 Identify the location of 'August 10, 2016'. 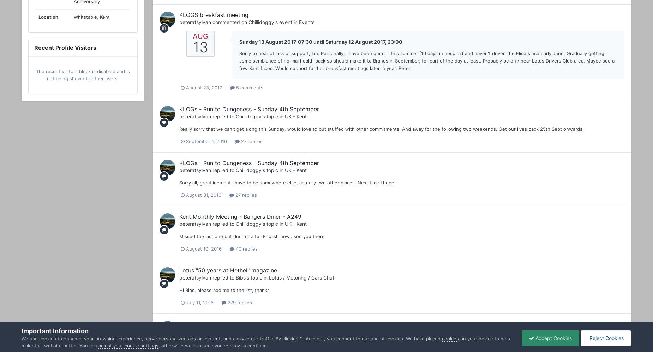
(204, 248).